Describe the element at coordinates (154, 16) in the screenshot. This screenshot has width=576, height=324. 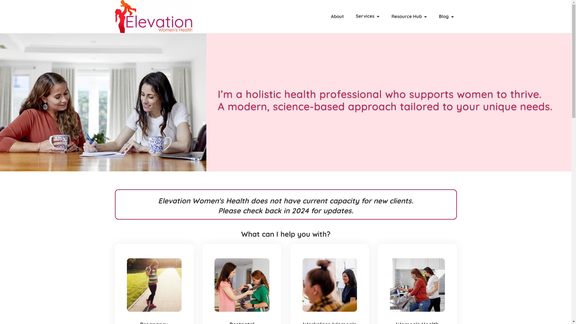
I see `'Elevation Women's Health'` at that location.